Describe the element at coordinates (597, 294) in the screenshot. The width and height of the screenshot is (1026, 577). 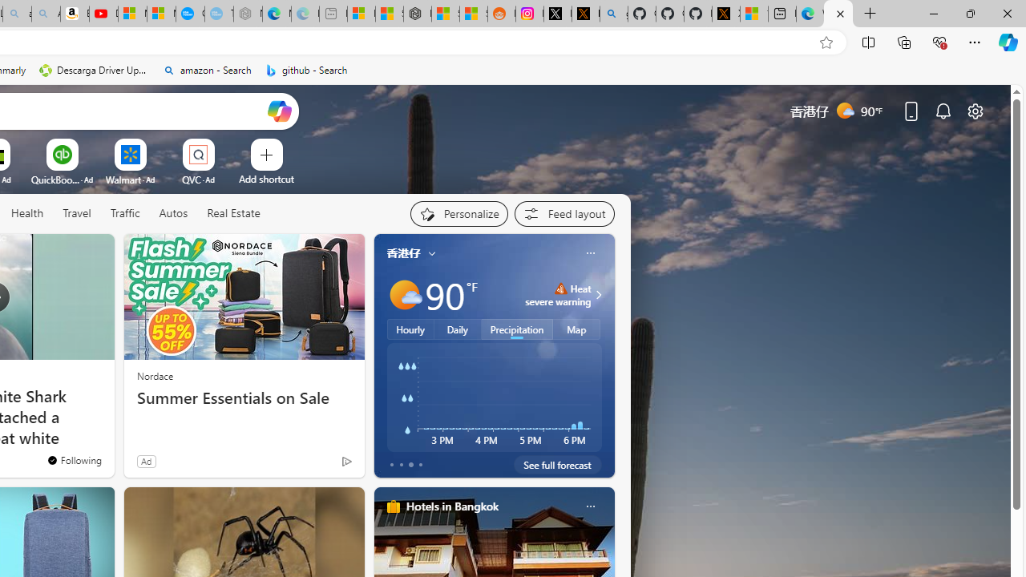
I see `'Class: weather-arrow-glyph'` at that location.